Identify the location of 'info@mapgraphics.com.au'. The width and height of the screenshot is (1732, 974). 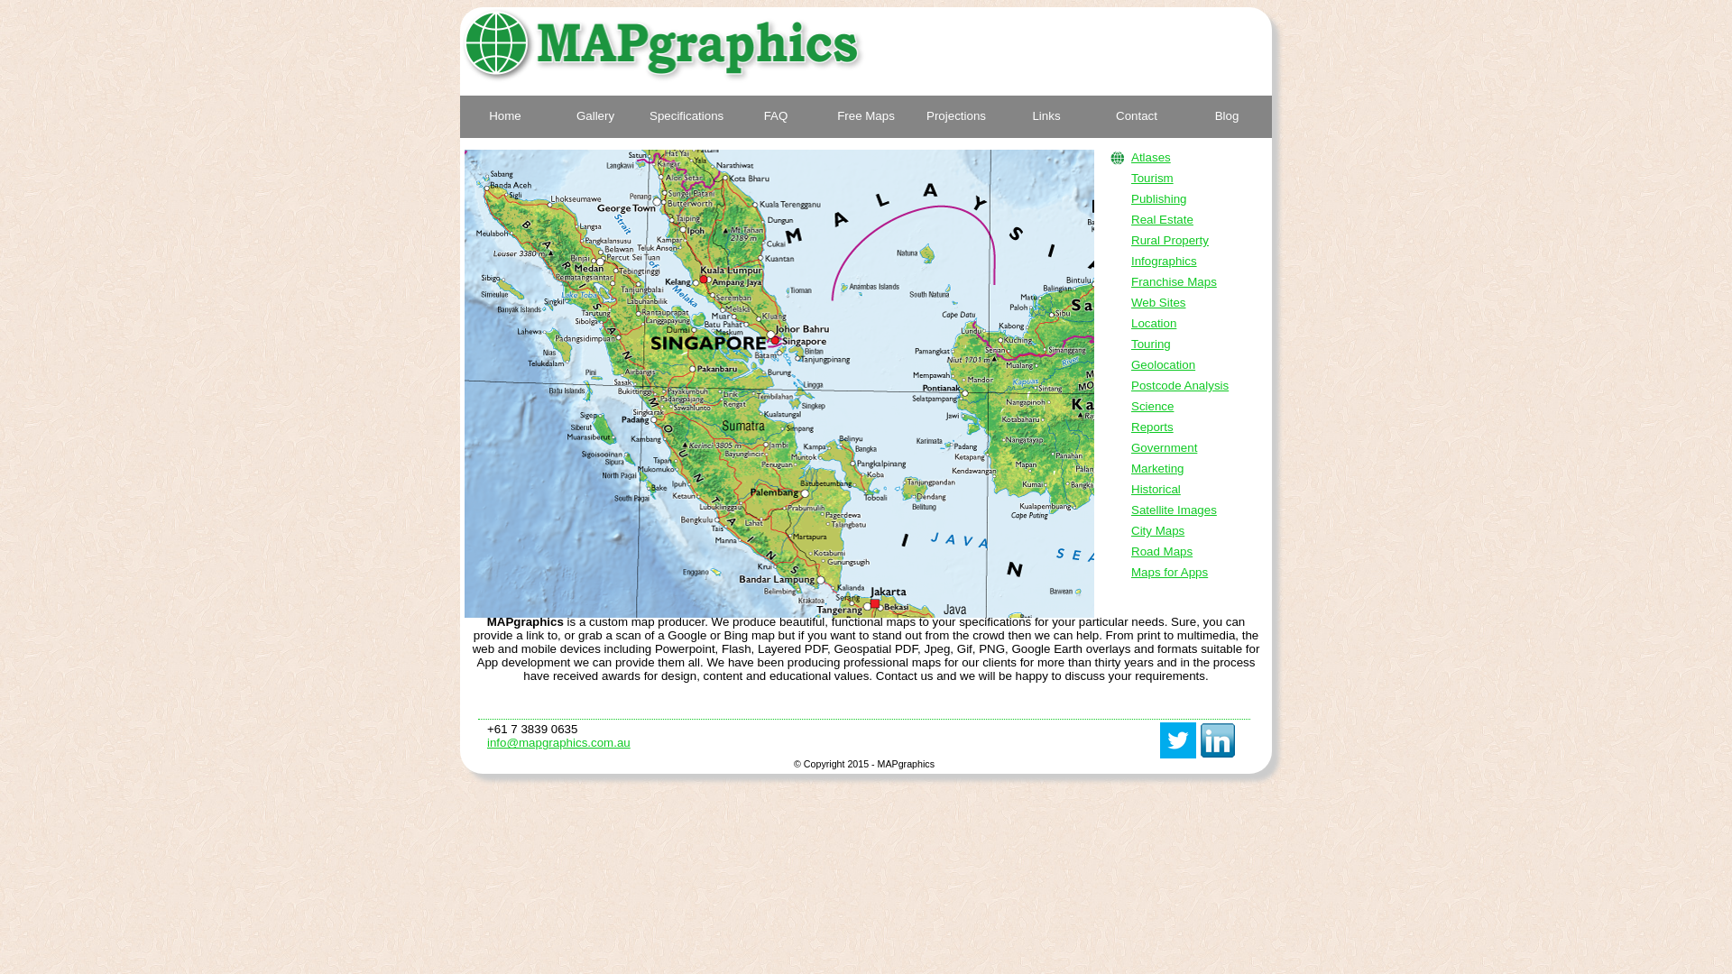
(557, 742).